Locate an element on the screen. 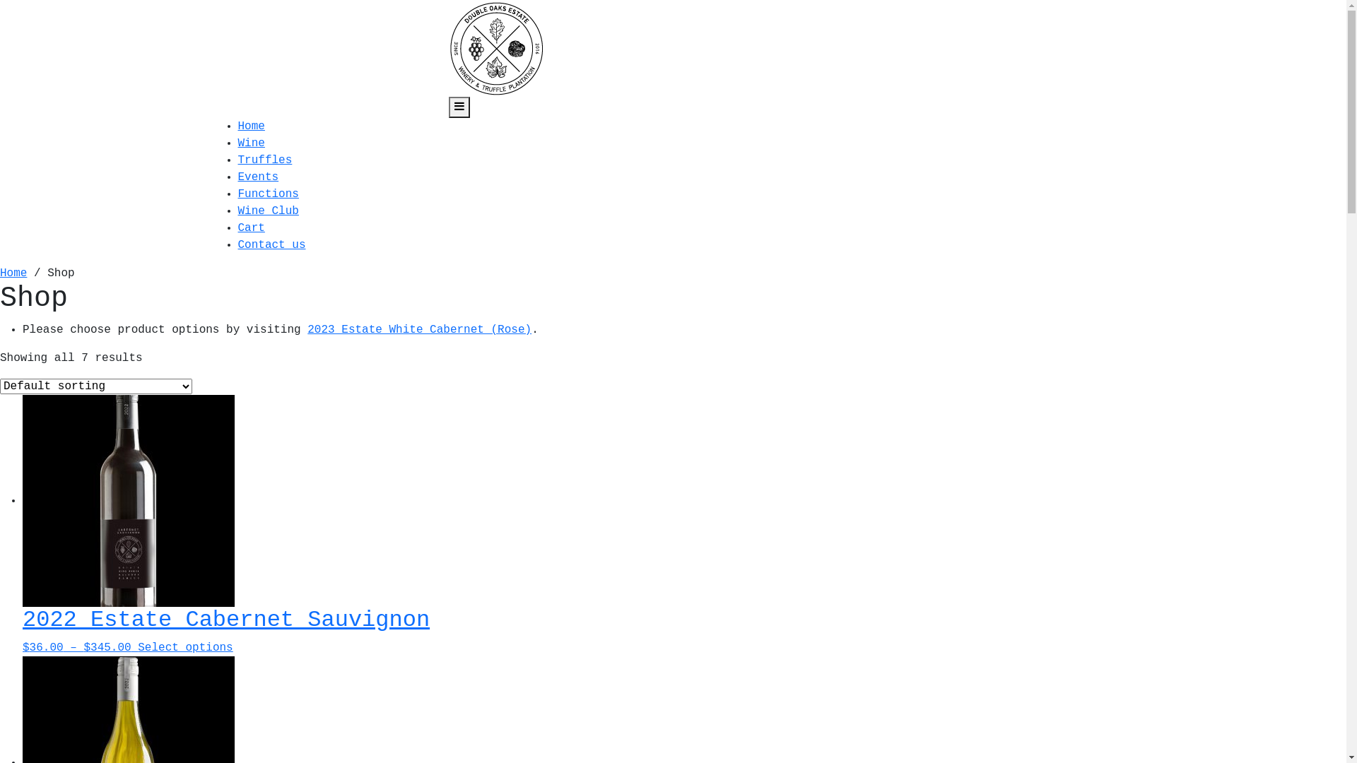 This screenshot has width=1357, height=763. 'Wine' is located at coordinates (251, 143).